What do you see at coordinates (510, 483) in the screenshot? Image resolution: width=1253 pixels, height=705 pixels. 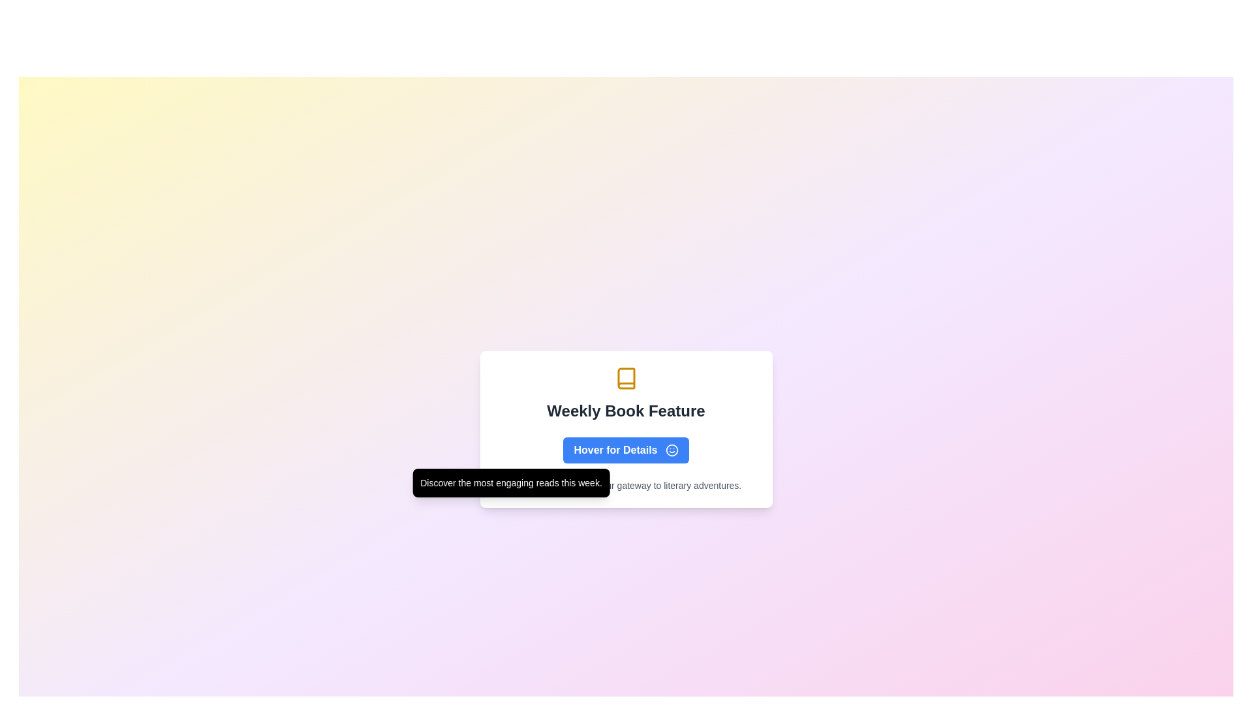 I see `the tooltip that provides additional informational text about engaging reads for the week, located below the 'Hover for Details' button` at bounding box center [510, 483].